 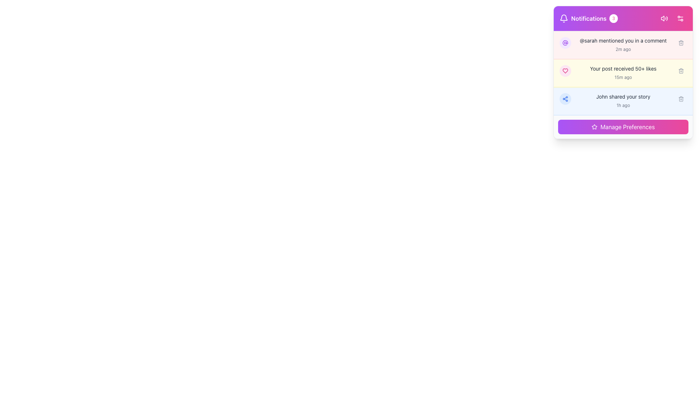 I want to click on the circular icon with a purple background featuring a white at-sign symbol located in the top right corner of the notification panel, so click(x=565, y=43).